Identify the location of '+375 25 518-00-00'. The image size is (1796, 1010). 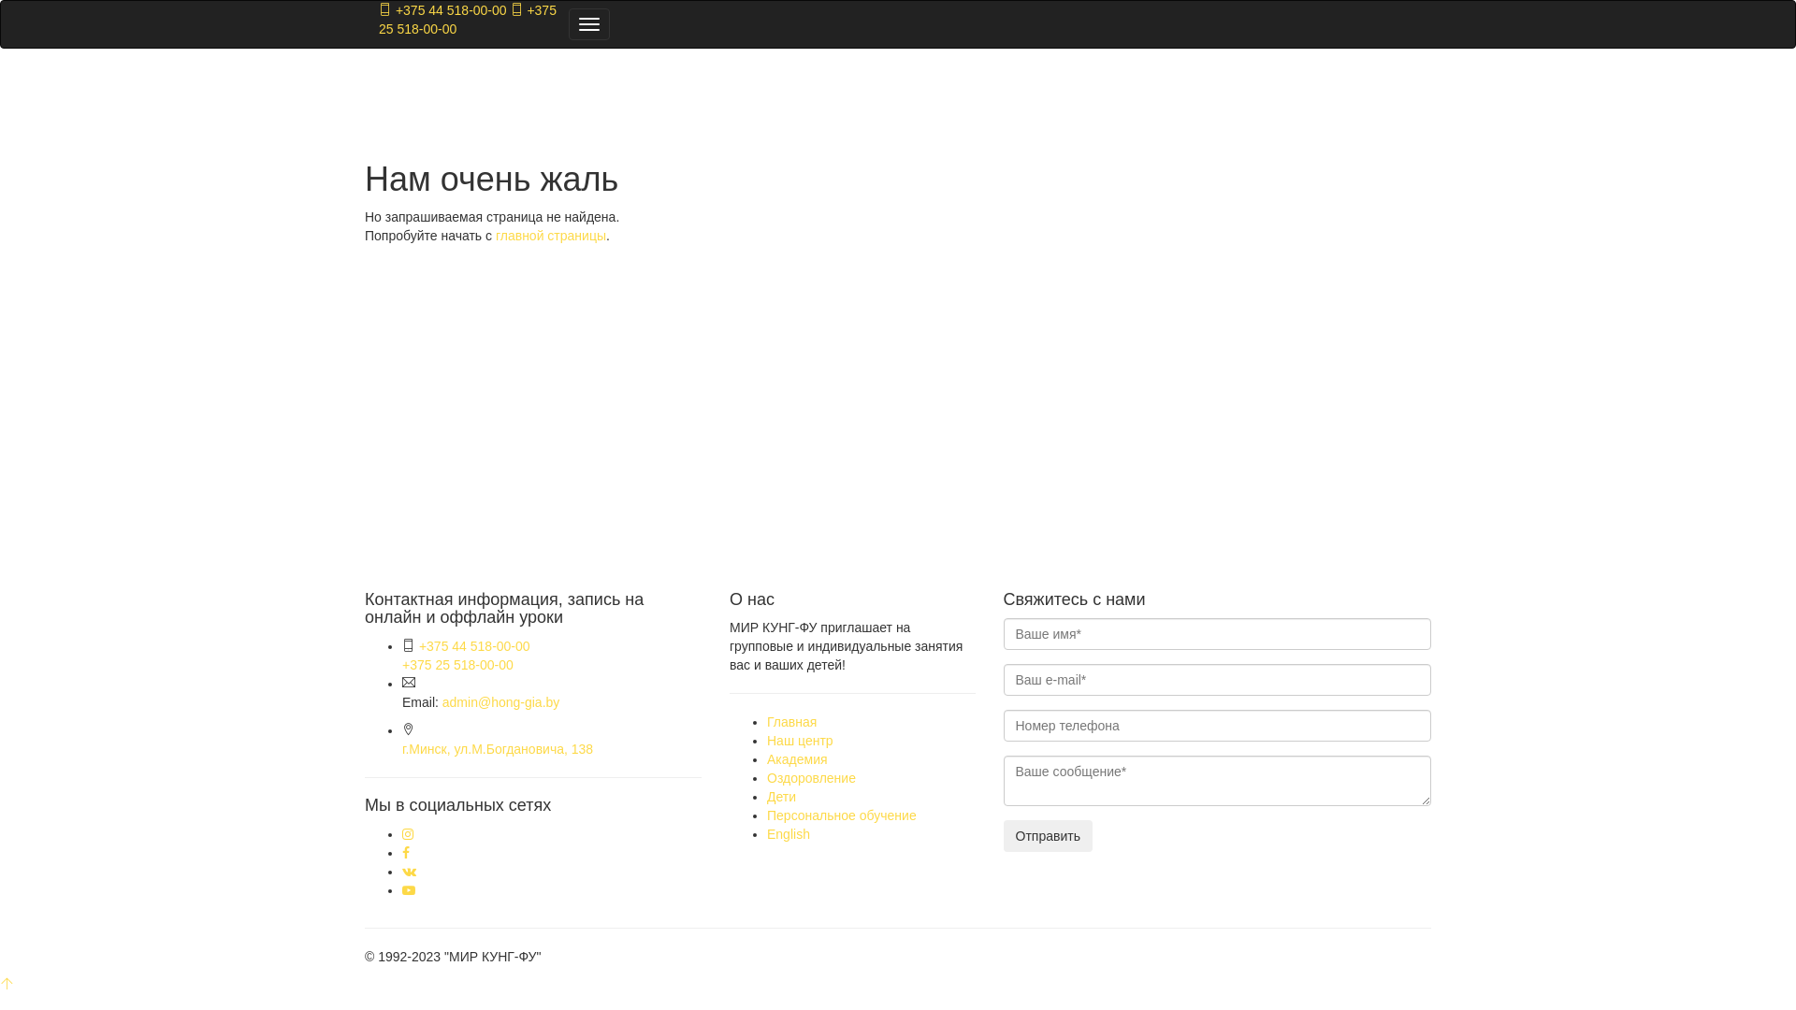
(457, 663).